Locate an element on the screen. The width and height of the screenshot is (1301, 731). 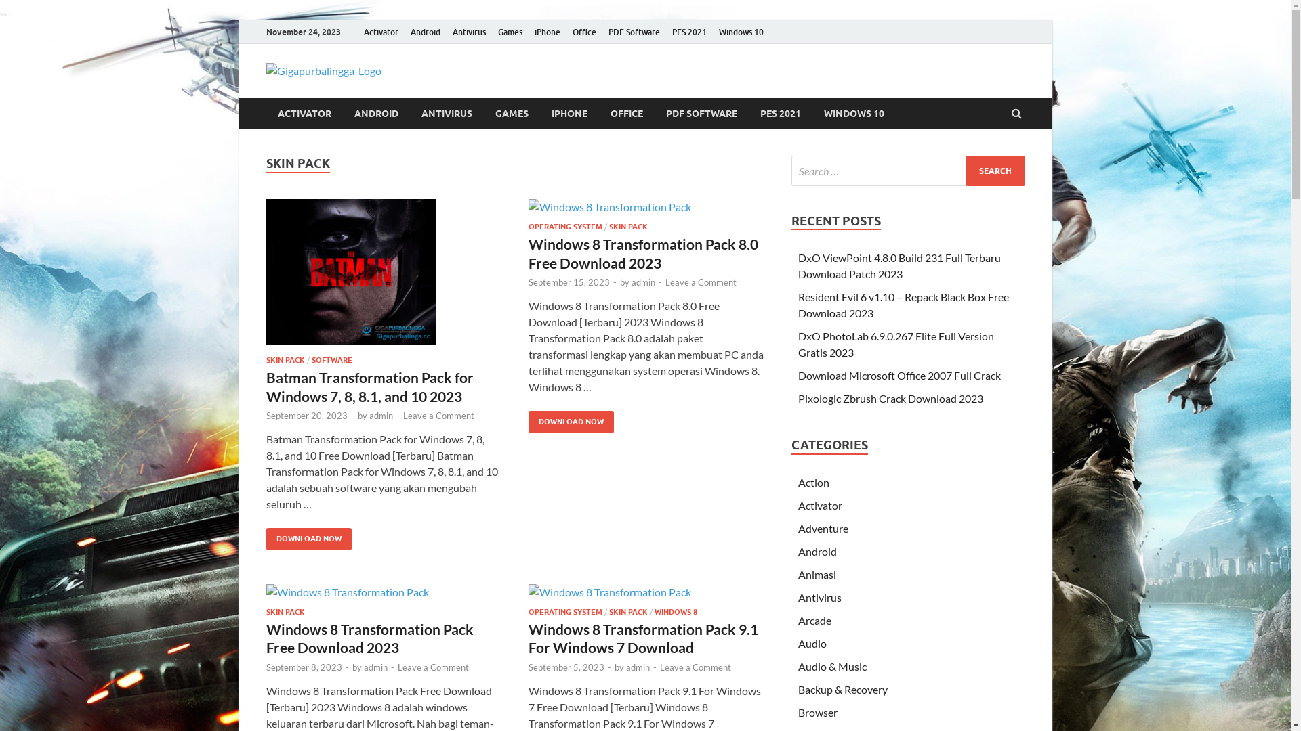
'WINDOWS 10' is located at coordinates (852, 112).